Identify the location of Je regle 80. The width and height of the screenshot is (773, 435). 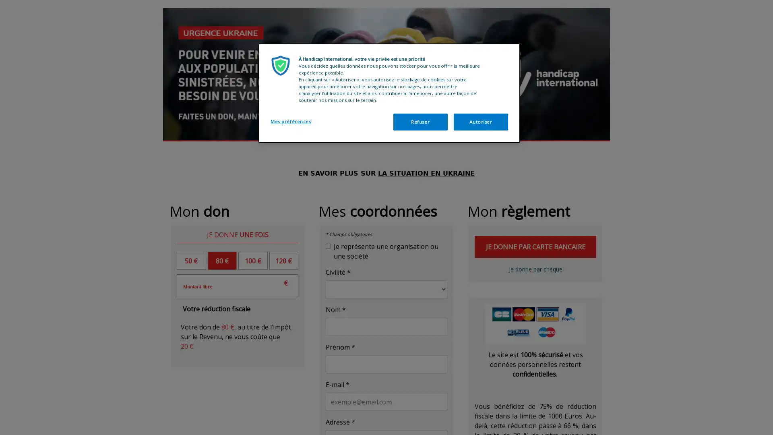
(535, 269).